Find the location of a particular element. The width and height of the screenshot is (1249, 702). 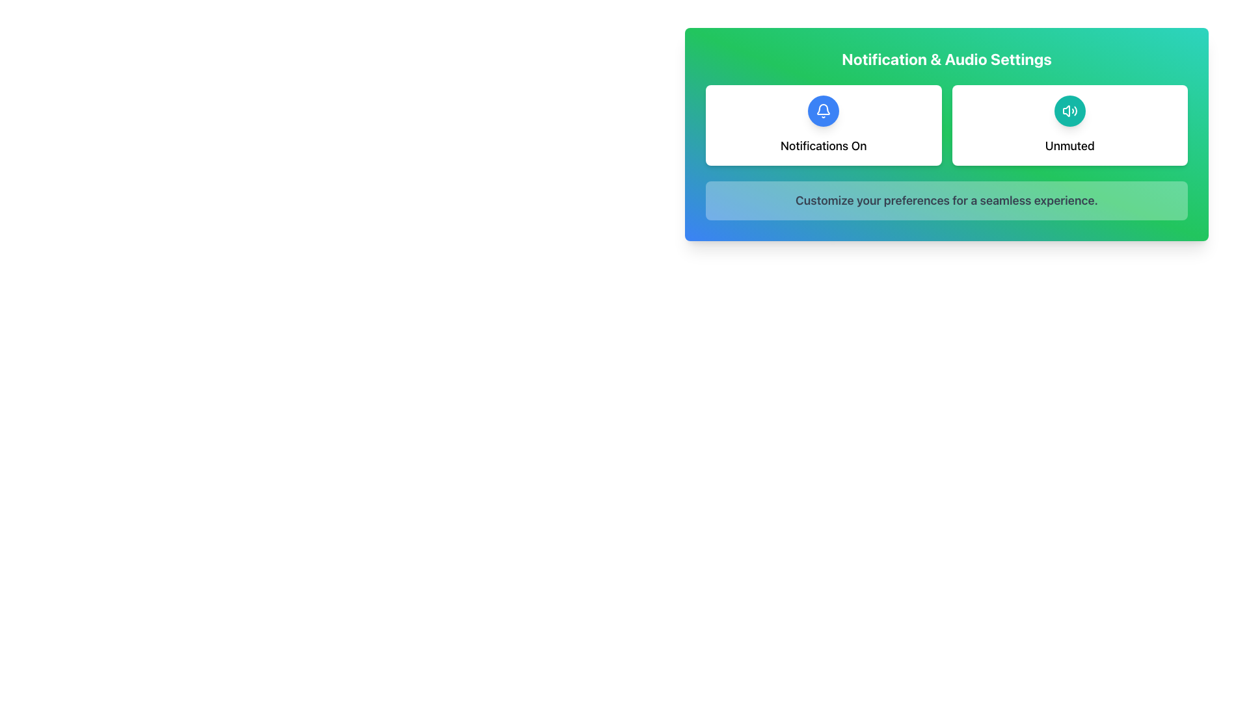

the 'Notifications On' text label displayed in bold, sans-serif font, which is centered beneath a circular blue button with a bell icon is located at coordinates (823, 146).